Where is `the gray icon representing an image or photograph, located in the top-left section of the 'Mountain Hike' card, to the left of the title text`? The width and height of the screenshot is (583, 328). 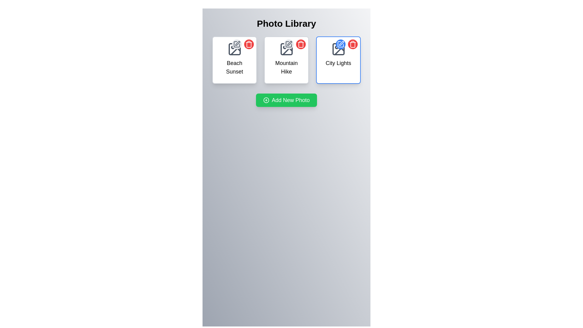 the gray icon representing an image or photograph, located in the top-left section of the 'Mountain Hike' card, to the left of the title text is located at coordinates (286, 49).